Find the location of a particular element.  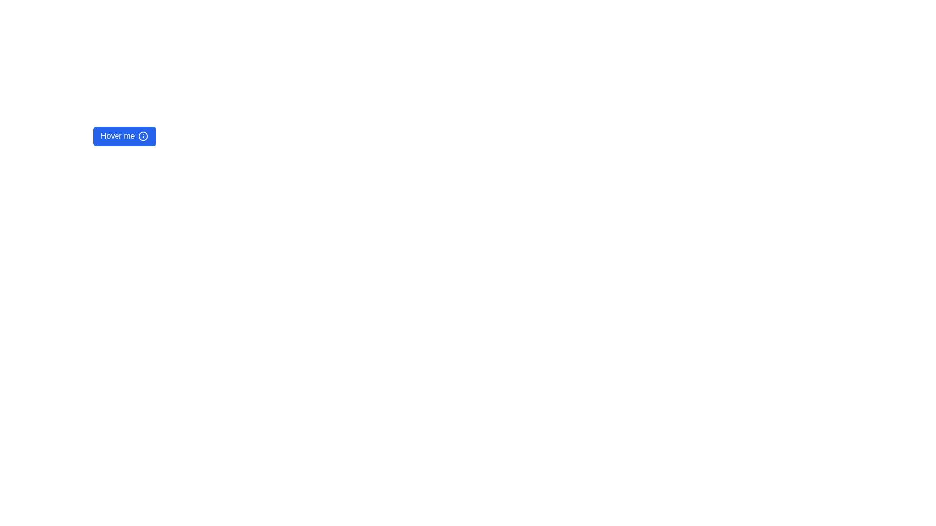

the circular outline element that is part of an icon located to the right of the 'Hover me' button is located at coordinates (143, 136).